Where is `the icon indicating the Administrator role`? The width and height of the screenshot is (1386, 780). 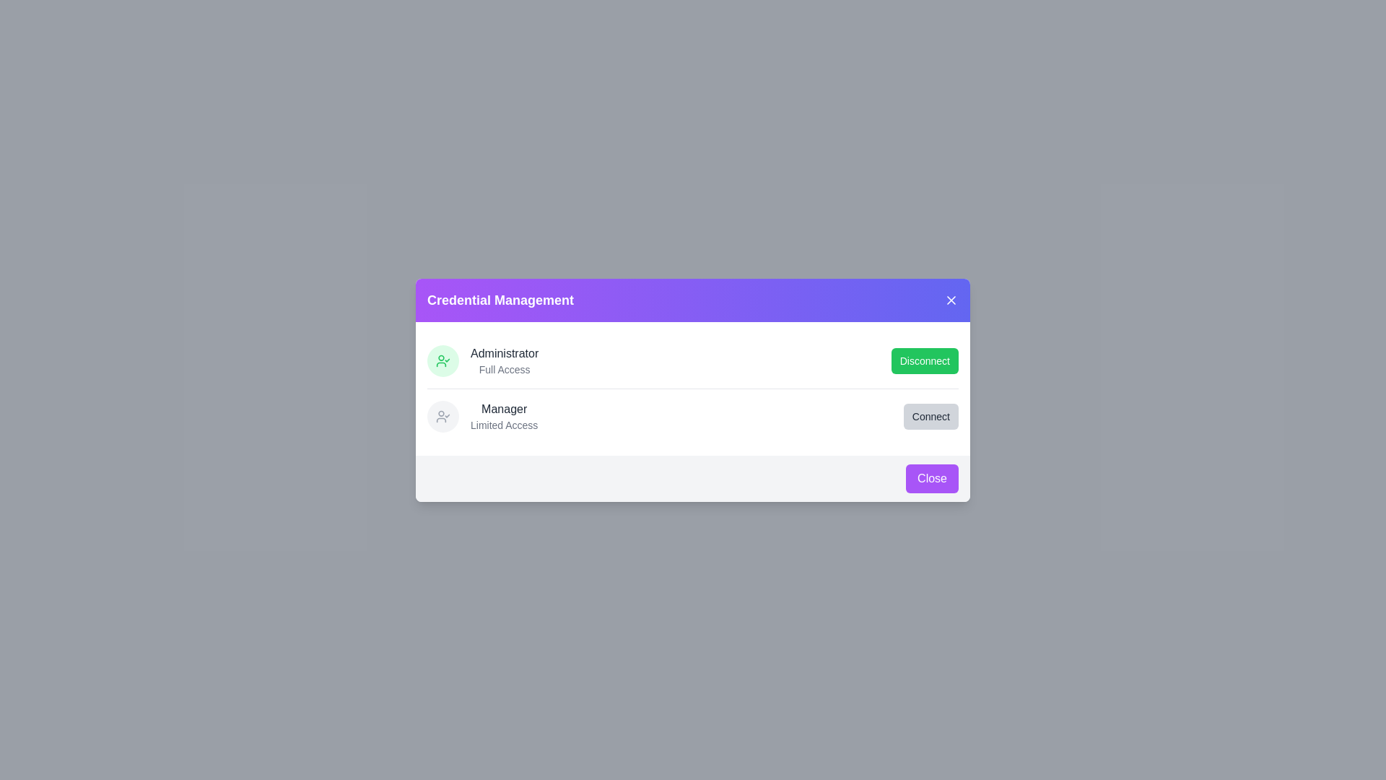 the icon indicating the Administrator role is located at coordinates (443, 359).